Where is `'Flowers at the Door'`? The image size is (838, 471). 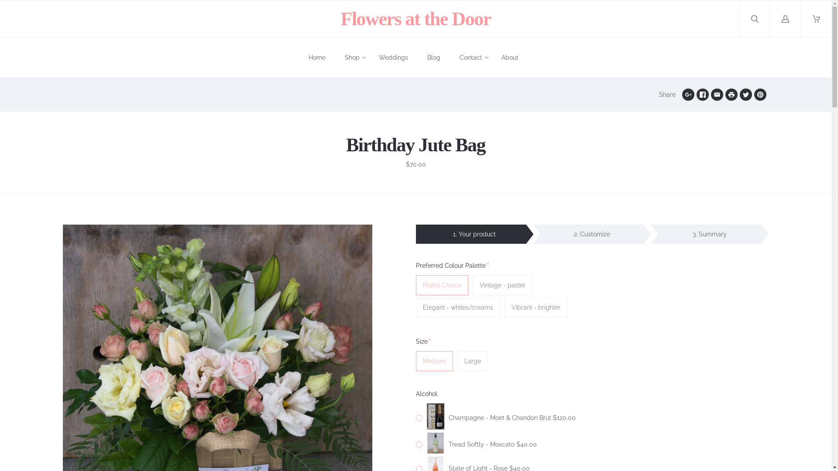
'Flowers at the Door' is located at coordinates (415, 18).